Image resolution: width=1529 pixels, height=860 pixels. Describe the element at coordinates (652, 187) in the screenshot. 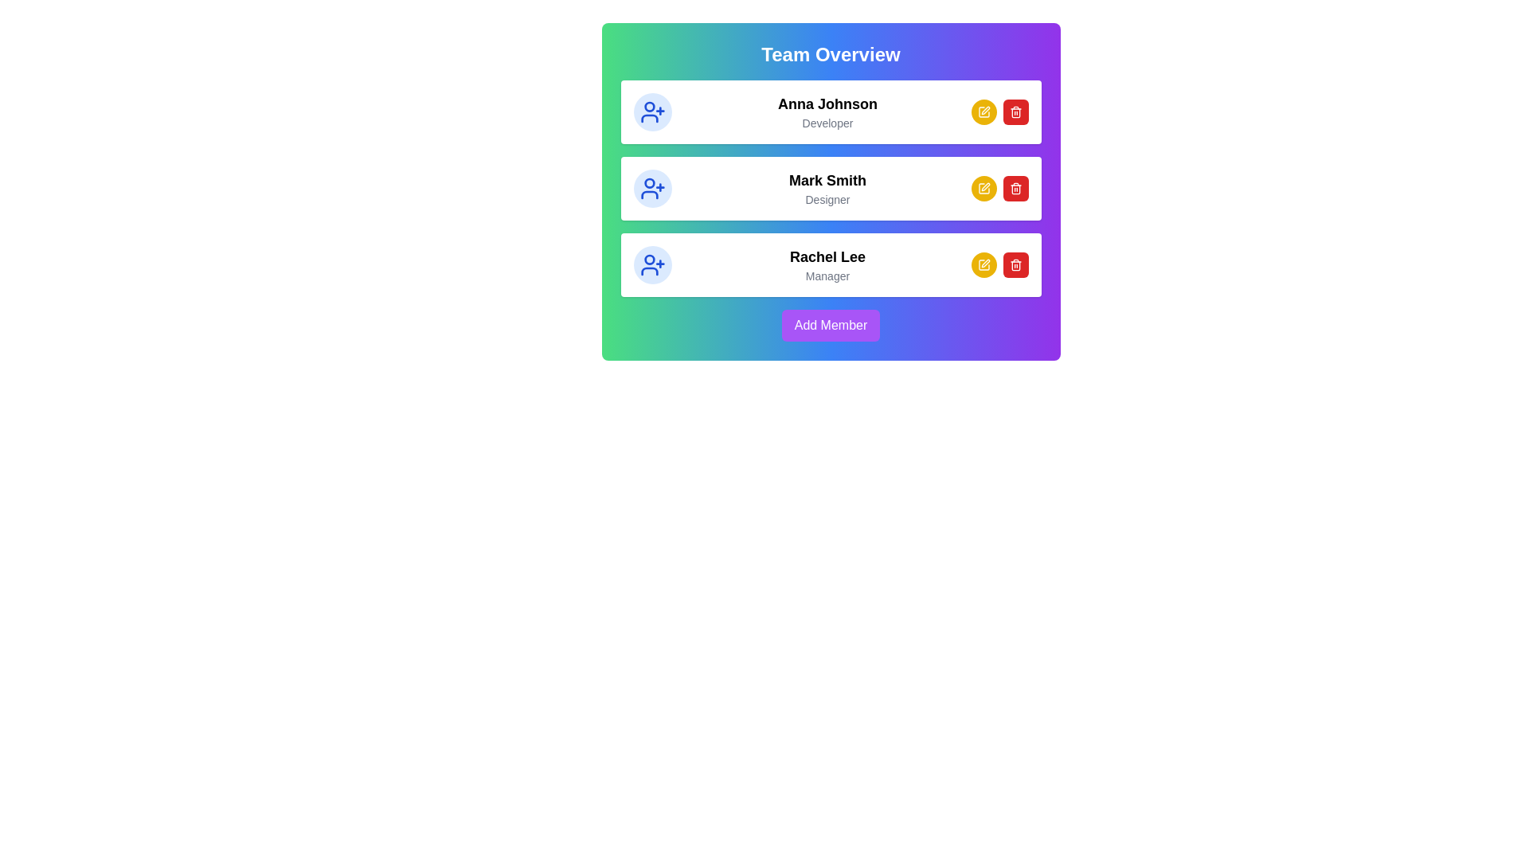

I see `the 'Add User' or 'Invite User' icon button located within the card representing the team member 'Mark Smith'` at that location.